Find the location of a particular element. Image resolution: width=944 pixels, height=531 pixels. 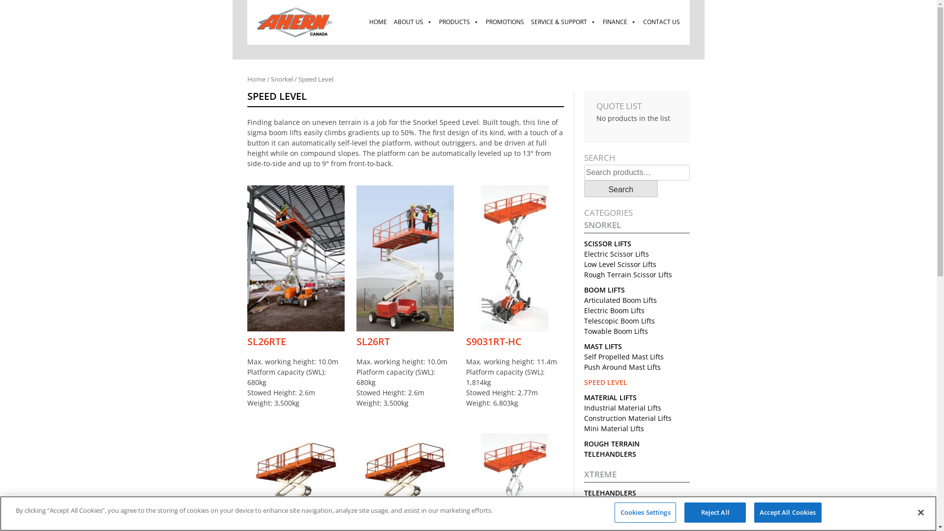

'SPEED LEVEL' is located at coordinates (605, 382).